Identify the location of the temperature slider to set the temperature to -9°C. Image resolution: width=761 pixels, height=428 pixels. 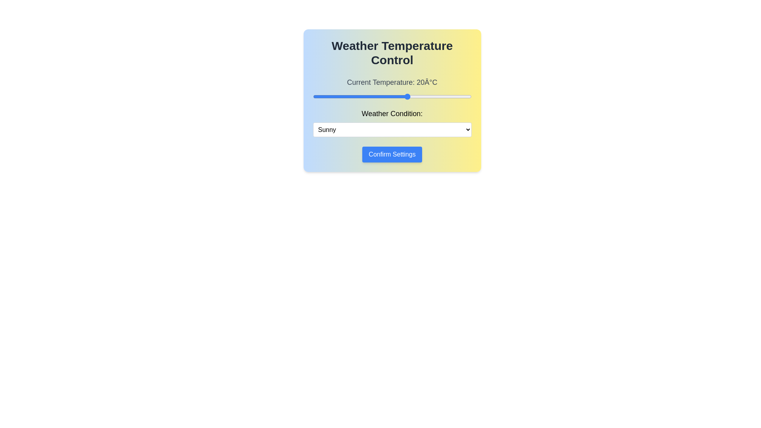
(315, 96).